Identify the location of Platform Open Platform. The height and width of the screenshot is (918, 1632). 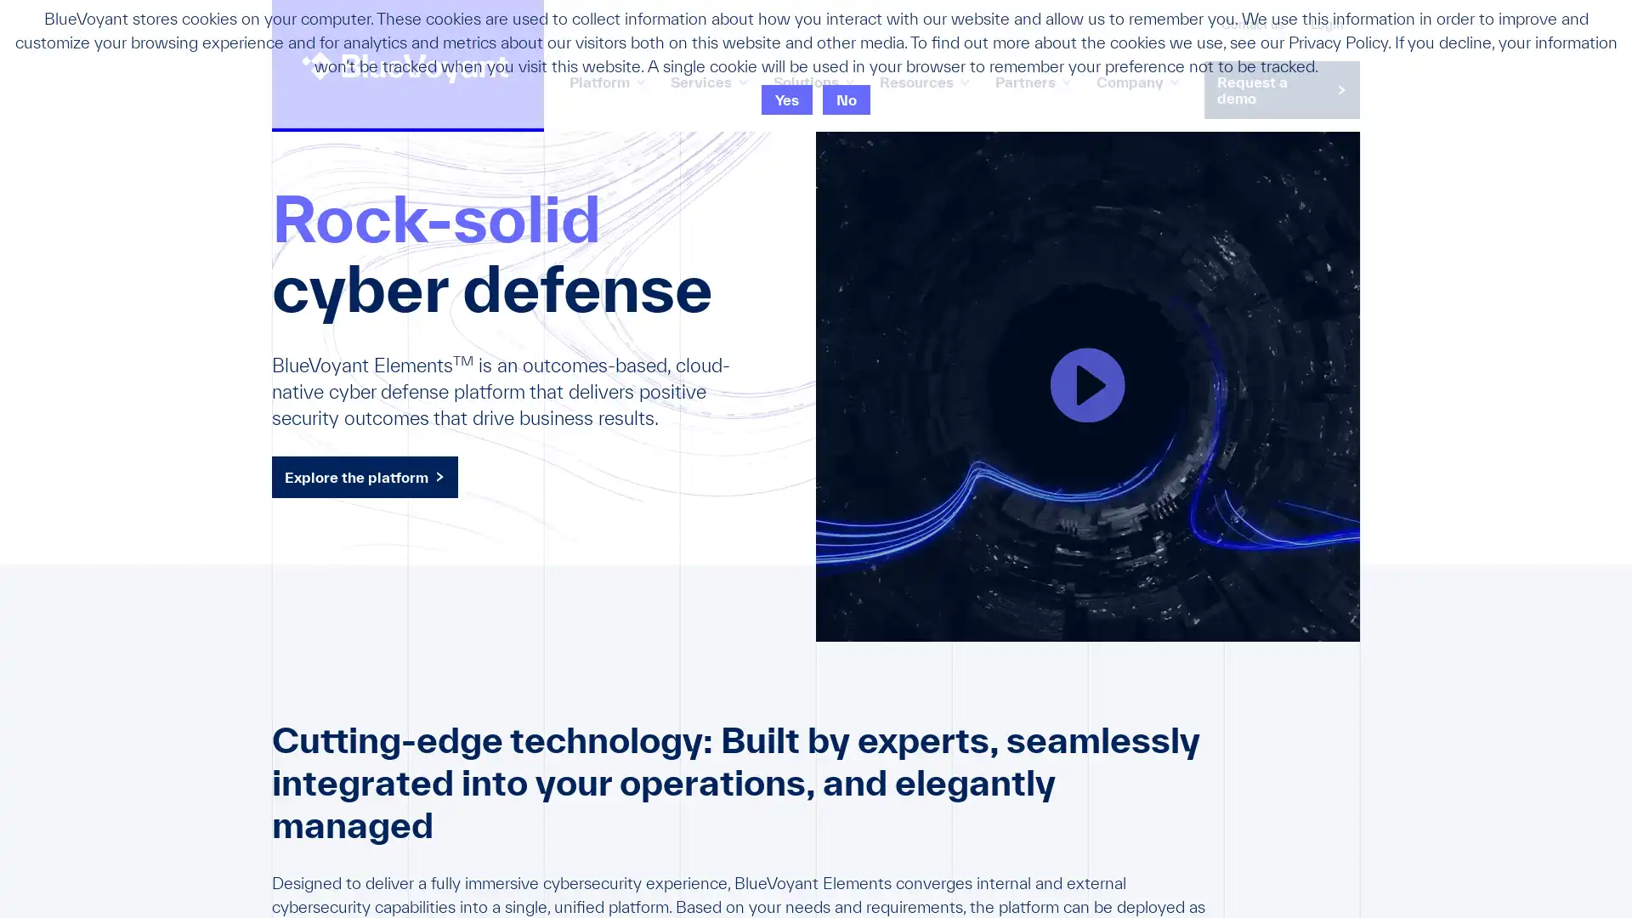
(607, 81).